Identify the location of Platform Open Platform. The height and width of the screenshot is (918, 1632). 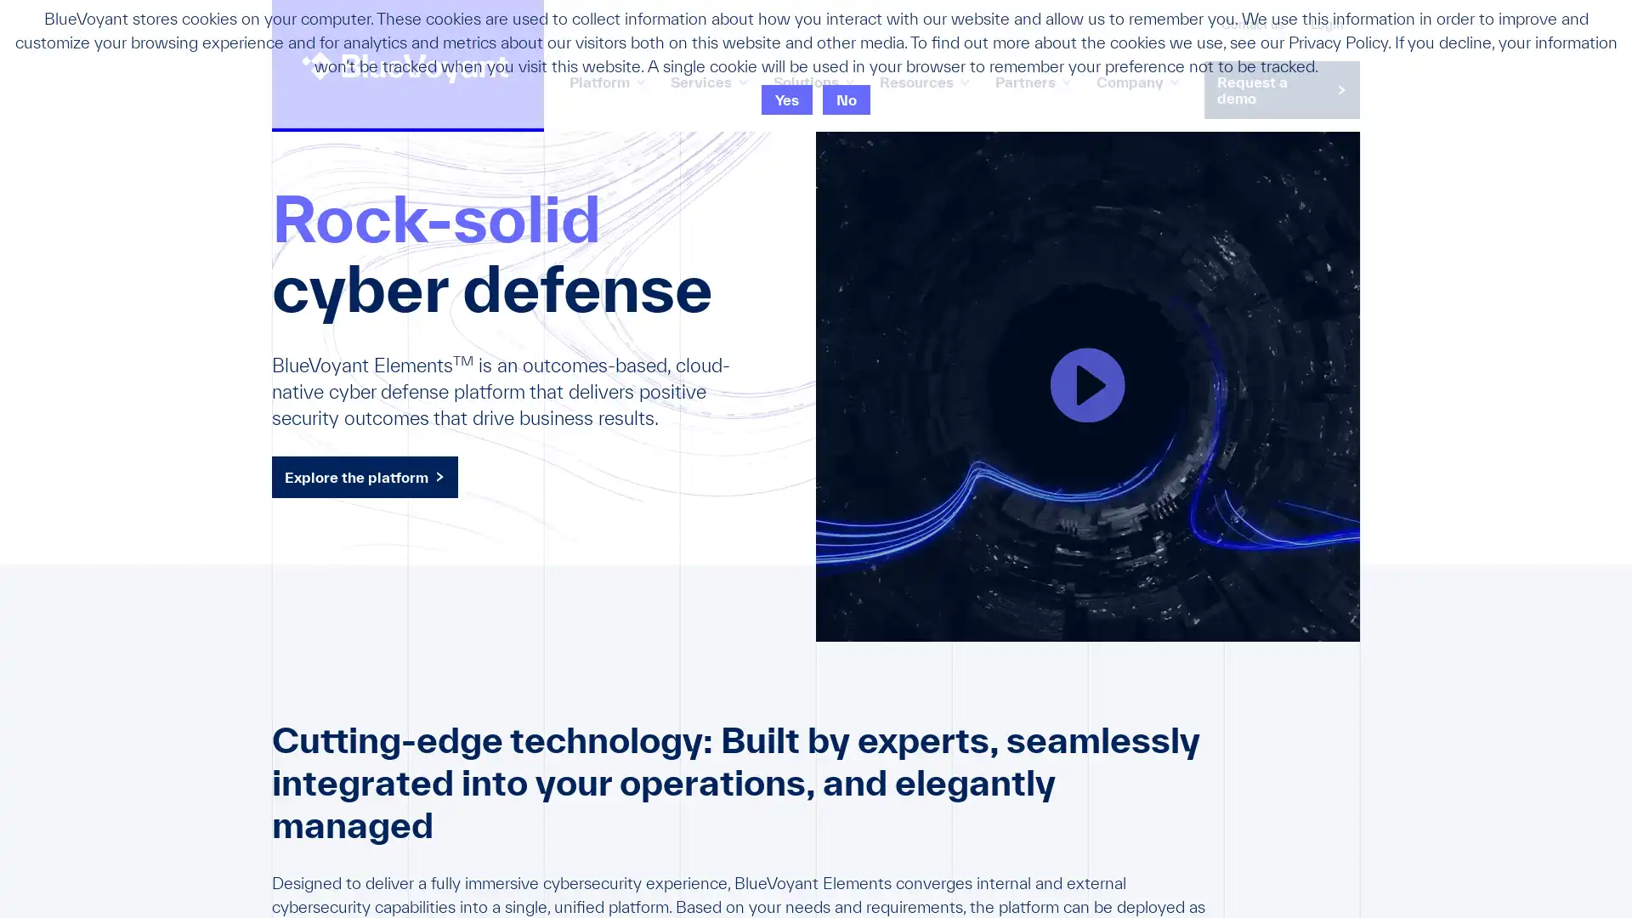
(607, 81).